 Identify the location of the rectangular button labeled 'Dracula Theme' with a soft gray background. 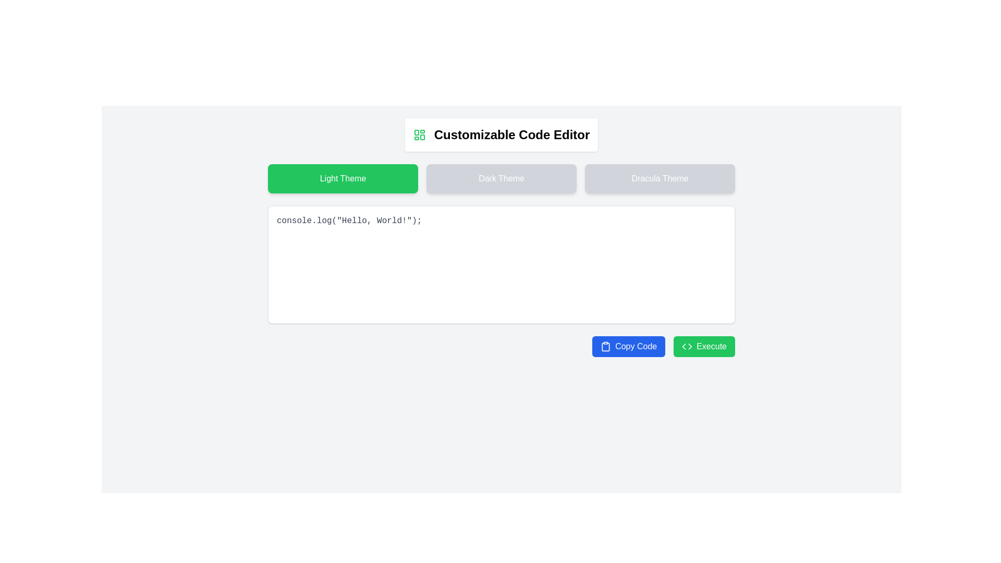
(660, 178).